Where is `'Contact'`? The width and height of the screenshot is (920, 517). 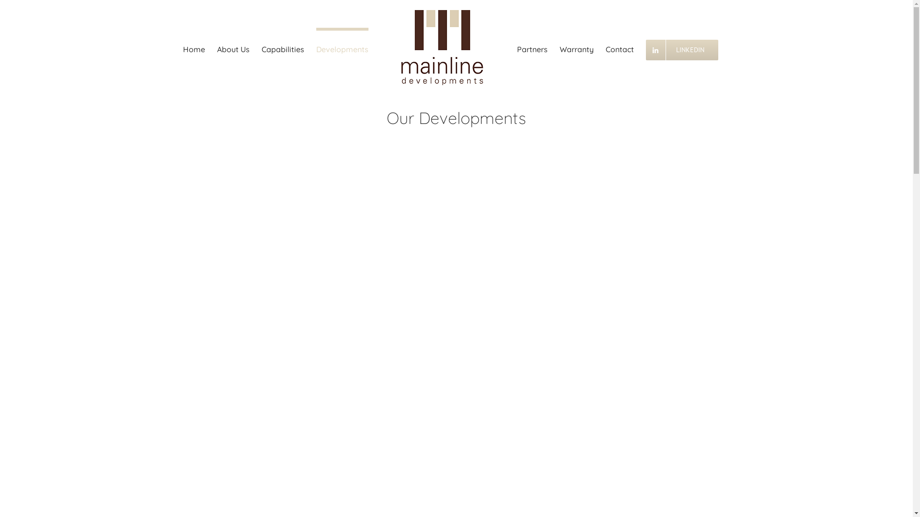
'Contact' is located at coordinates (605, 48).